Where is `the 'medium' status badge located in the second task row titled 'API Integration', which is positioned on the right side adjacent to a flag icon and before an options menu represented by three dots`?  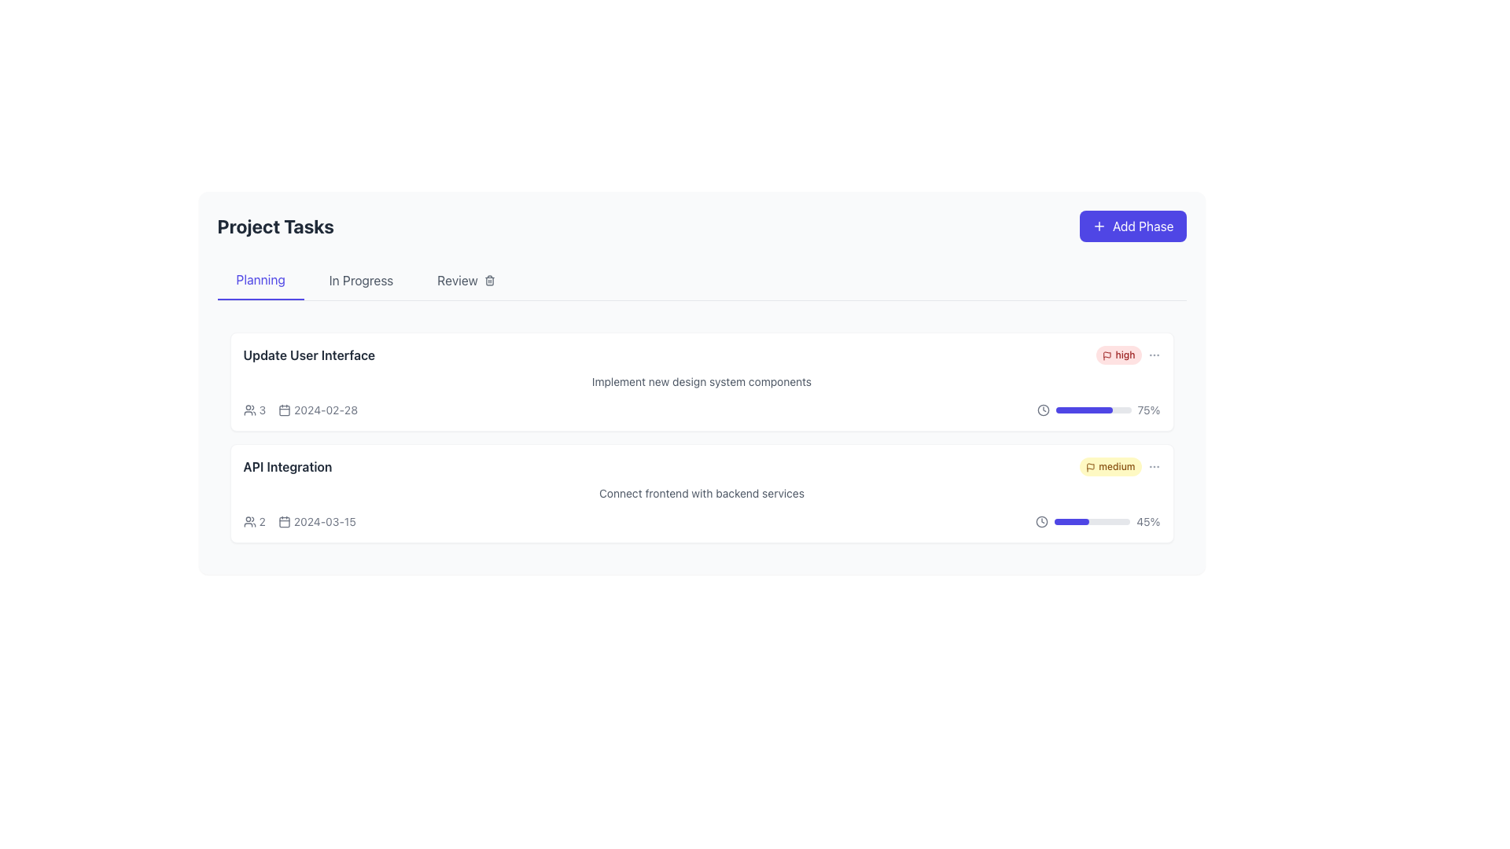
the 'medium' status badge located in the second task row titled 'API Integration', which is positioned on the right side adjacent to a flag icon and before an options menu represented by three dots is located at coordinates (1119, 466).